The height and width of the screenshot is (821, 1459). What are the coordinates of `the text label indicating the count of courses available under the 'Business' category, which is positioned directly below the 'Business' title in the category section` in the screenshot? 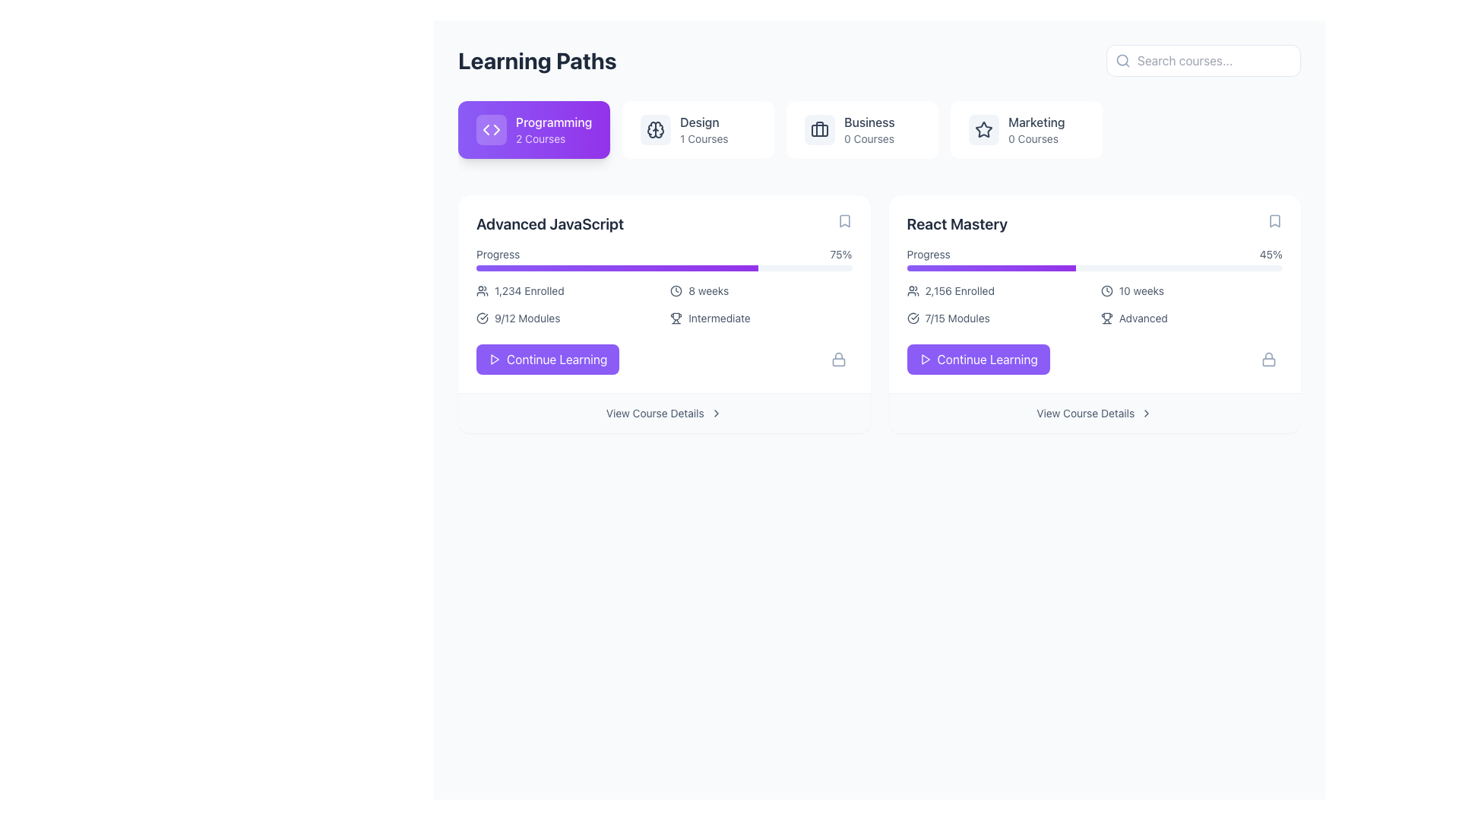 It's located at (869, 138).